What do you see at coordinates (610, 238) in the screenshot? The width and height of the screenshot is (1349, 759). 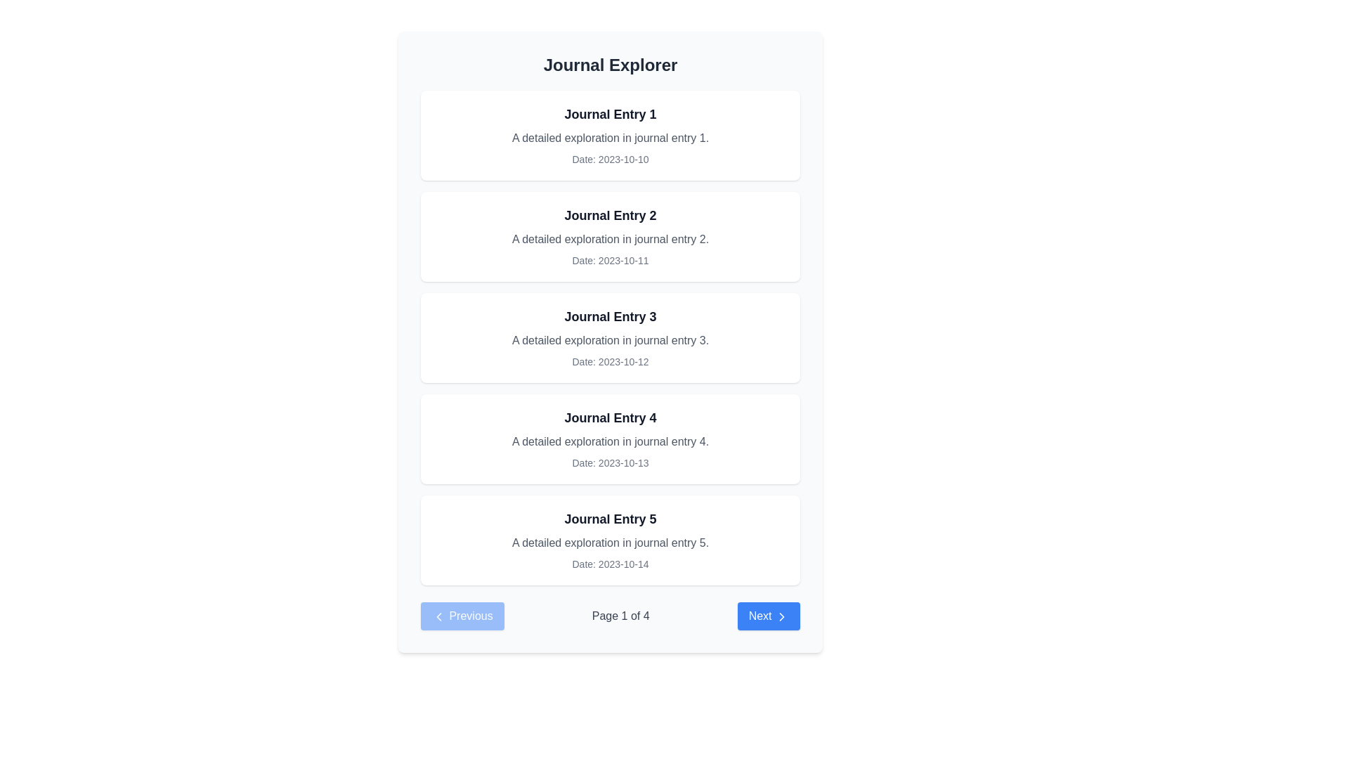 I see `the text display reading 'A detailed exploration in journal entry 2.' which is styled in gray and positioned between the title 'Journal Entry 2' and the date 'Date: 2023-10-11'` at bounding box center [610, 238].